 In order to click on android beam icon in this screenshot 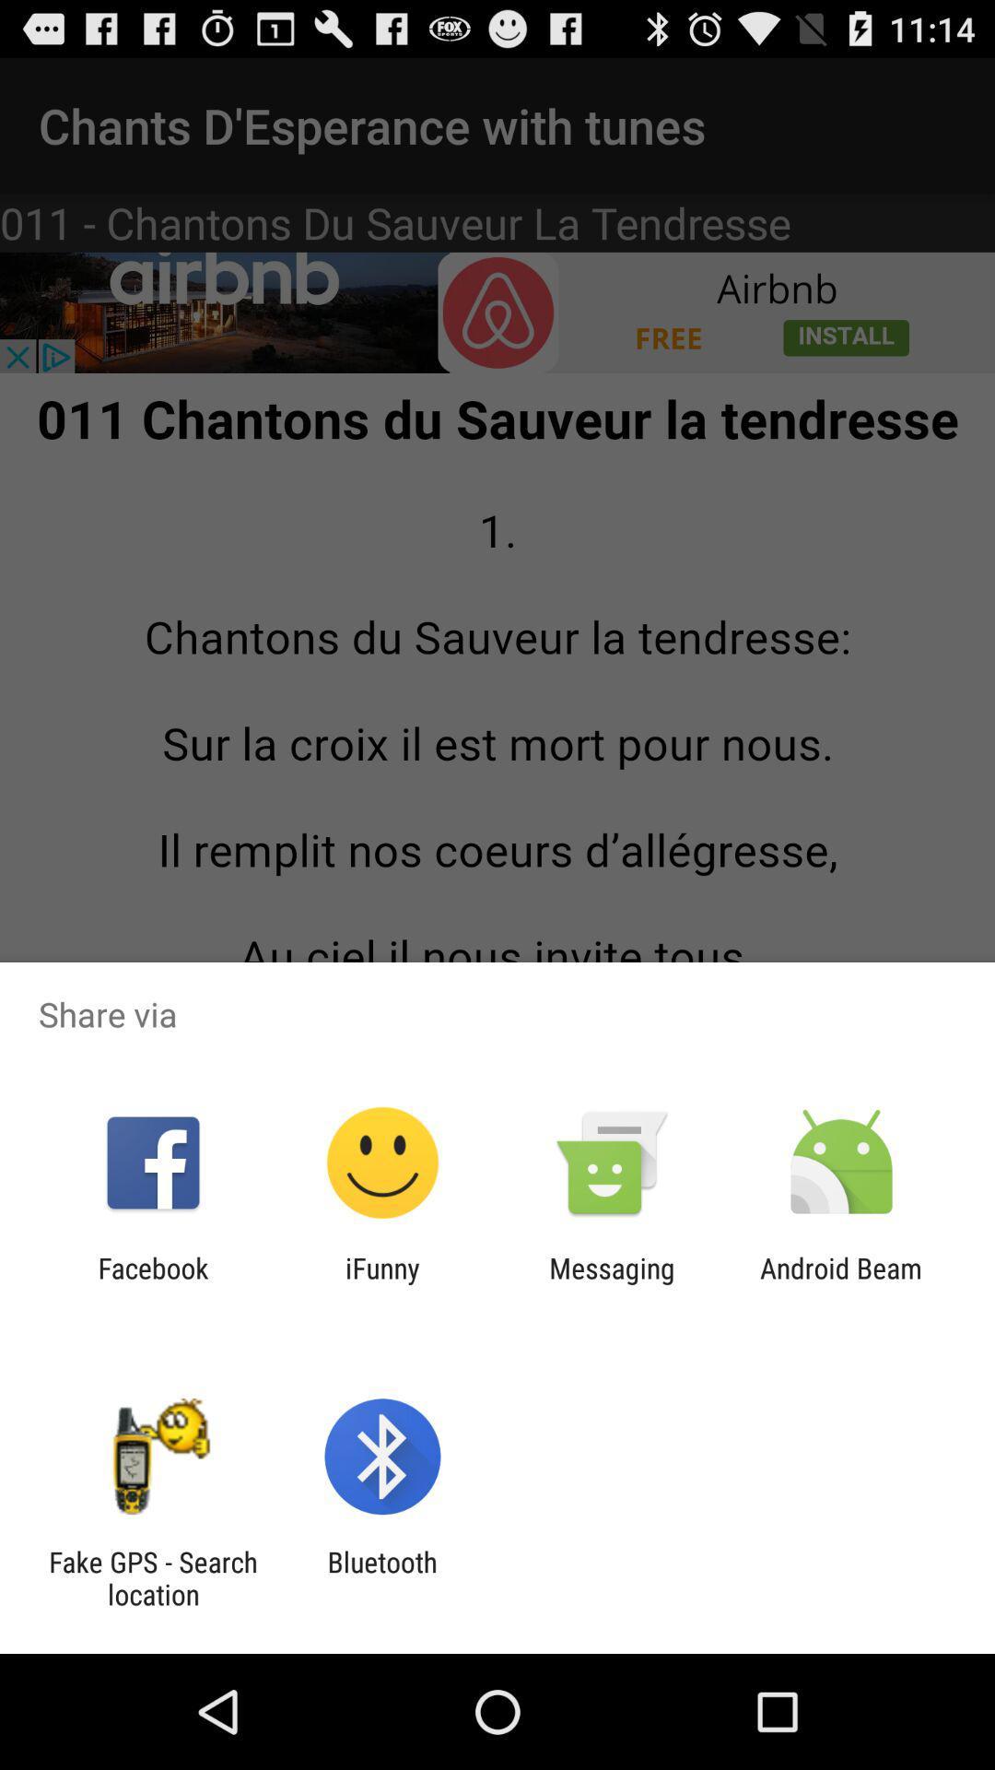, I will do `click(841, 1283)`.